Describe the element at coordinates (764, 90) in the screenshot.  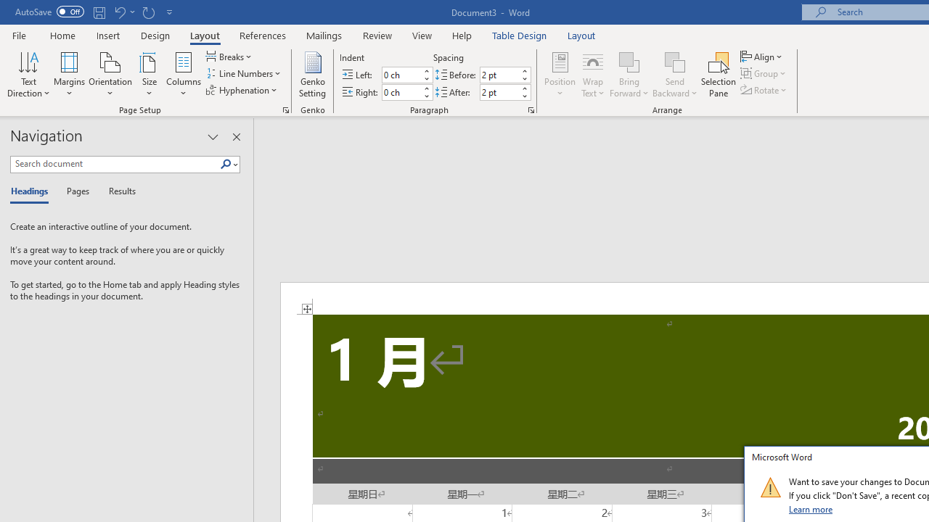
I see `'Rotate'` at that location.